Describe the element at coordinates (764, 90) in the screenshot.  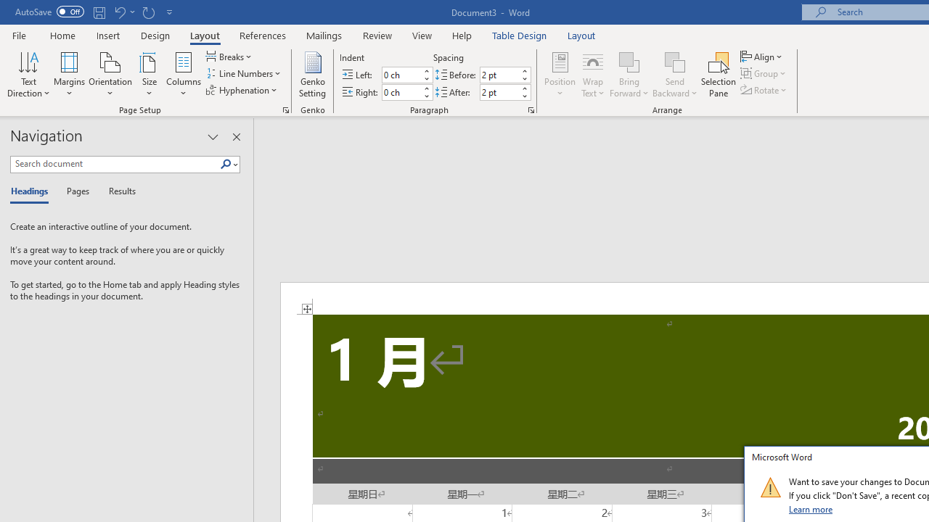
I see `'Rotate'` at that location.